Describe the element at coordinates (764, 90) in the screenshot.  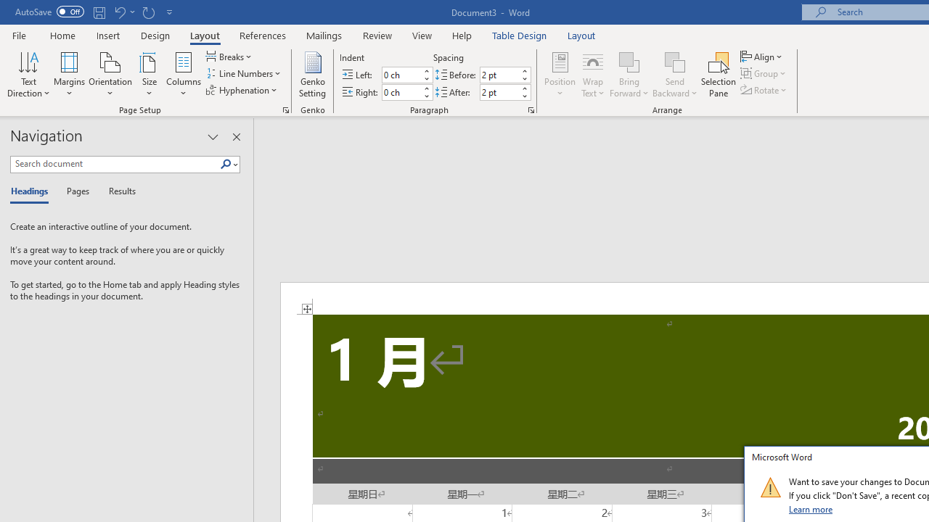
I see `'Rotate'` at that location.